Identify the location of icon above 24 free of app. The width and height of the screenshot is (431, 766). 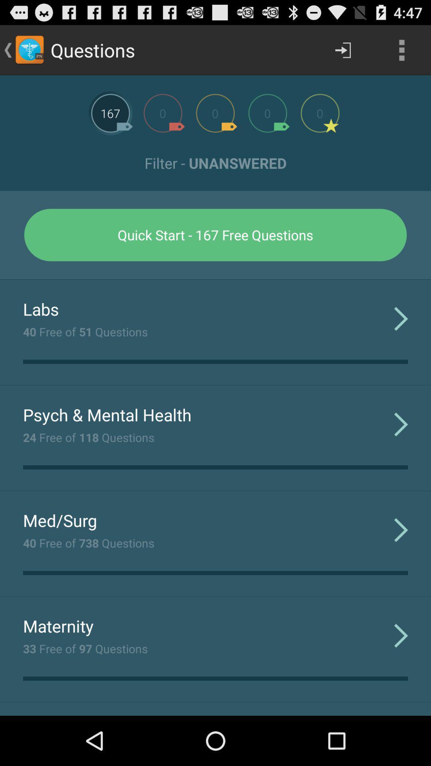
(107, 415).